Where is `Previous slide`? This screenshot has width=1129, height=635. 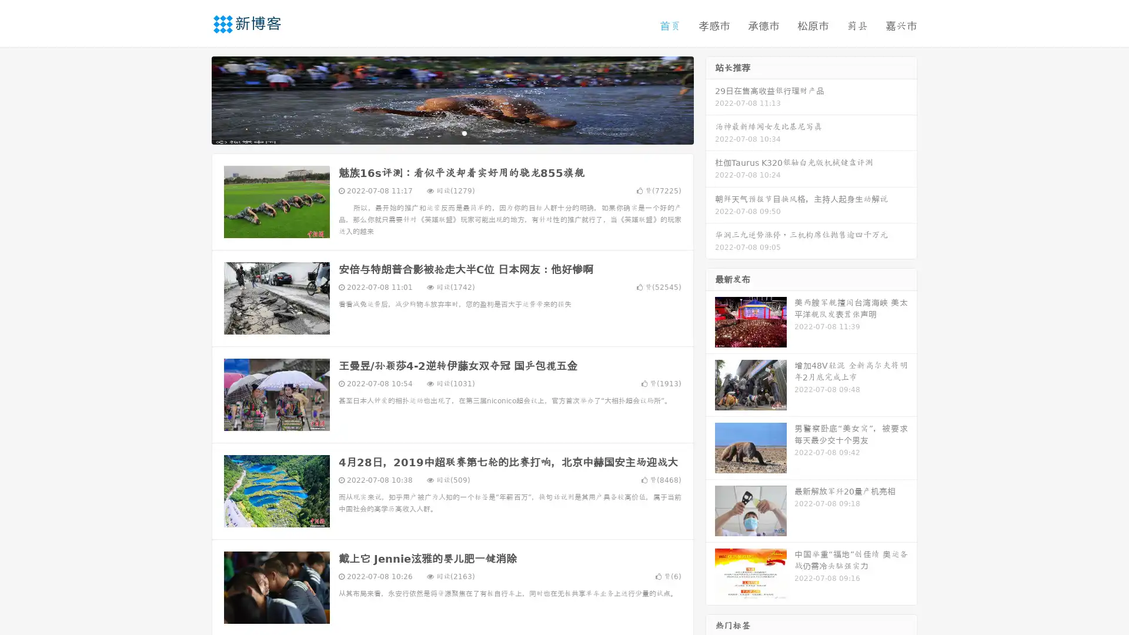
Previous slide is located at coordinates (194, 99).